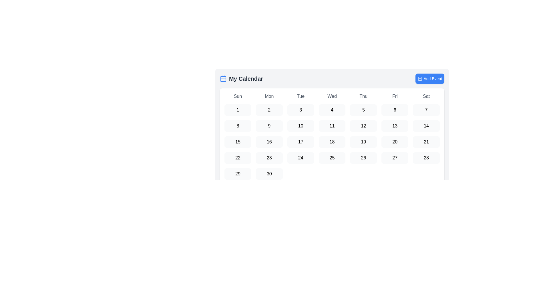 The height and width of the screenshot is (308, 549). I want to click on the Calendar day tile displaying the number '5' in the first row under the 'Thu' column for keyboard navigation, so click(363, 110).